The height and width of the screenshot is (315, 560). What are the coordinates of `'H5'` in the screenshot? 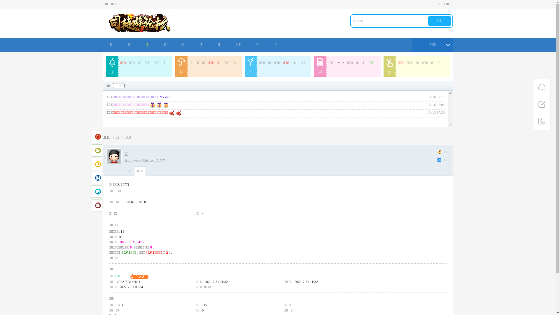 It's located at (295, 63).